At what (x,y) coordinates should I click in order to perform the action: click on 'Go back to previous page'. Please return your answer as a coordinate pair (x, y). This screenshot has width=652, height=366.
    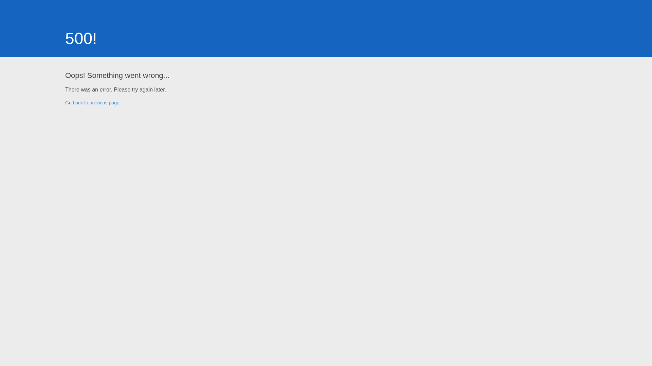
    Looking at the image, I should click on (92, 103).